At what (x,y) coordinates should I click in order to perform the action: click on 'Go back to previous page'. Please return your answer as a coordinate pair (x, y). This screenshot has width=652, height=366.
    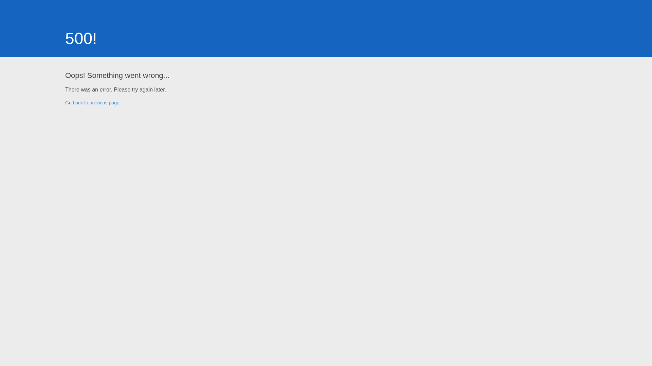
    Looking at the image, I should click on (92, 103).